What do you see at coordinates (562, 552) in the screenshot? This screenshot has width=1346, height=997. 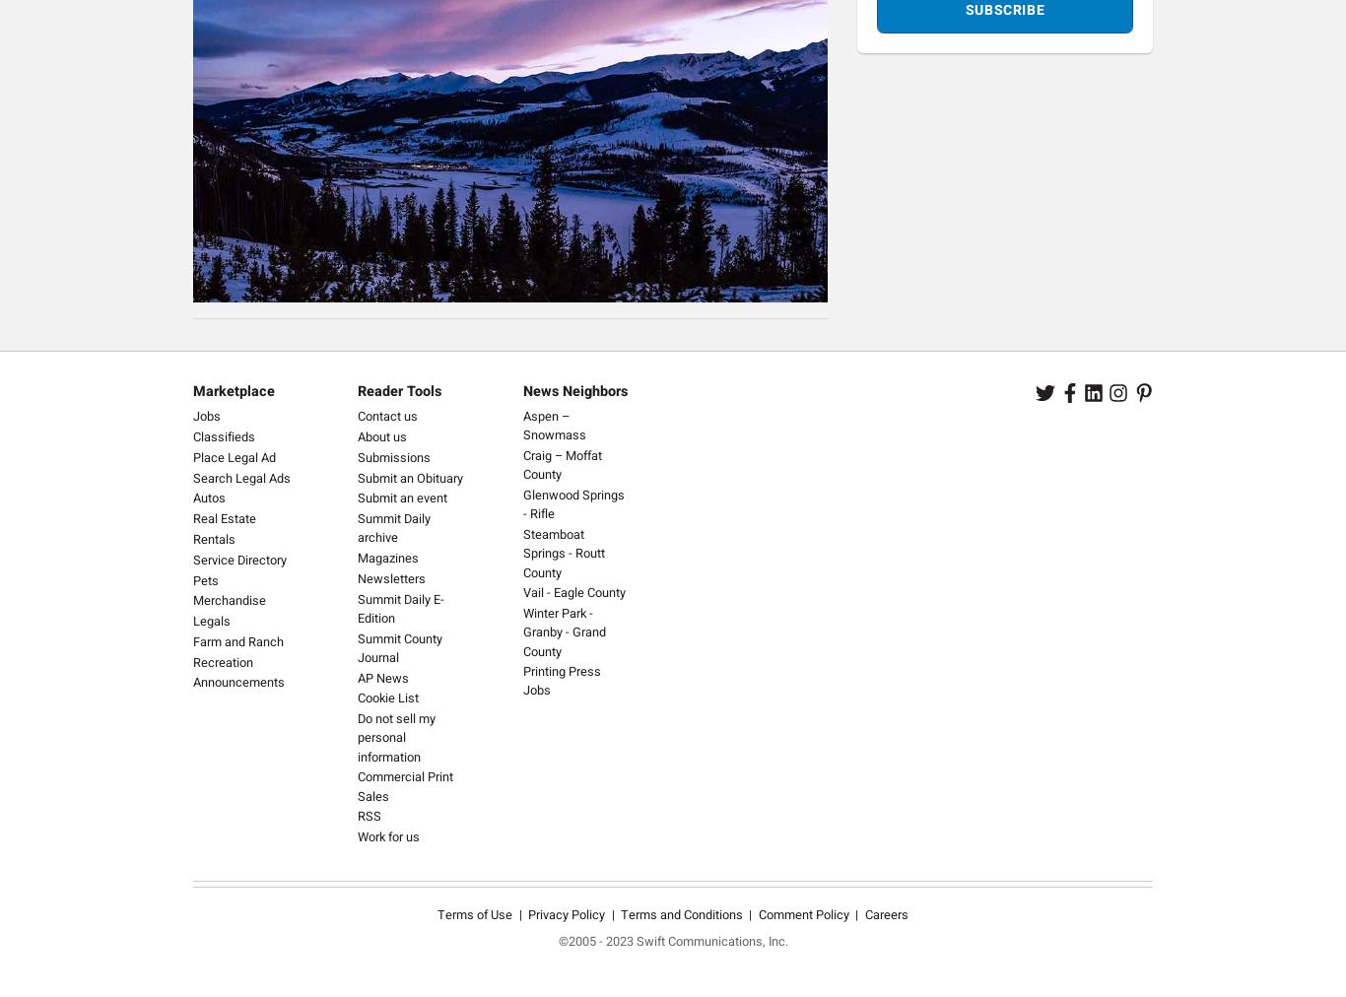 I see `'Steamboat Springs - Routt County'` at bounding box center [562, 552].